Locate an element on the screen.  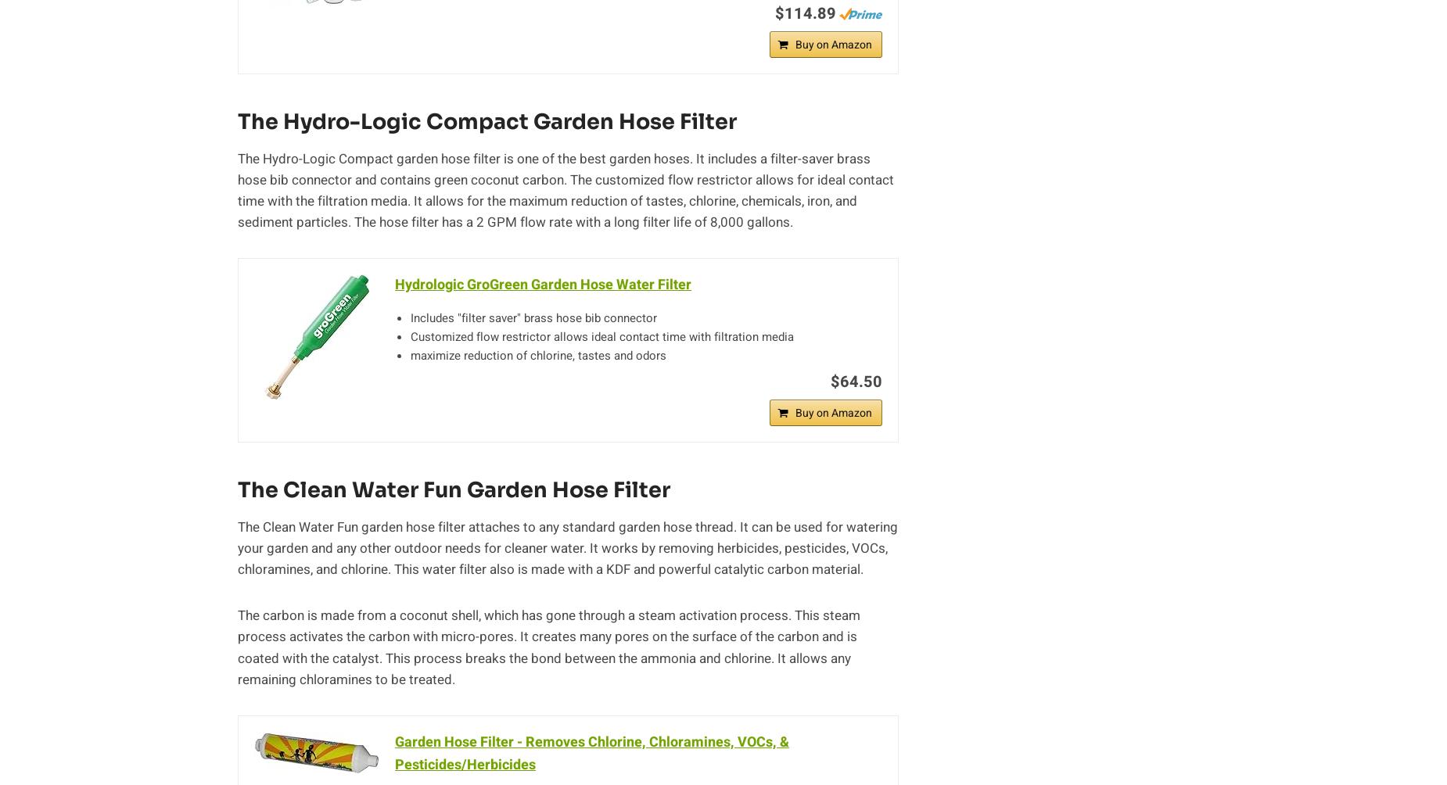
'maximize reduction of chlorine, tastes and odors' is located at coordinates (538, 355).